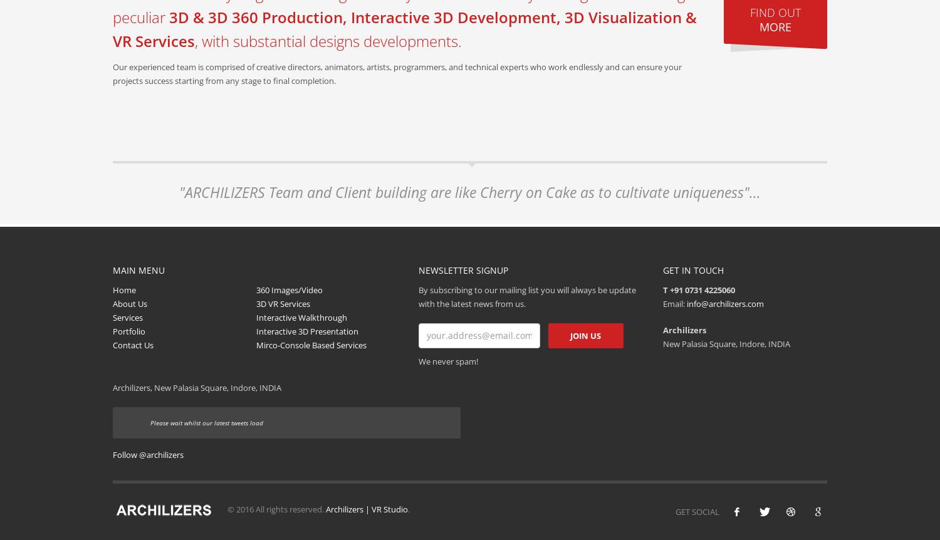  What do you see at coordinates (405, 29) in the screenshot?
I see `'3D & 3D 360 Production, Interactive 3D Development, 3D Visualization & VR Services'` at bounding box center [405, 29].